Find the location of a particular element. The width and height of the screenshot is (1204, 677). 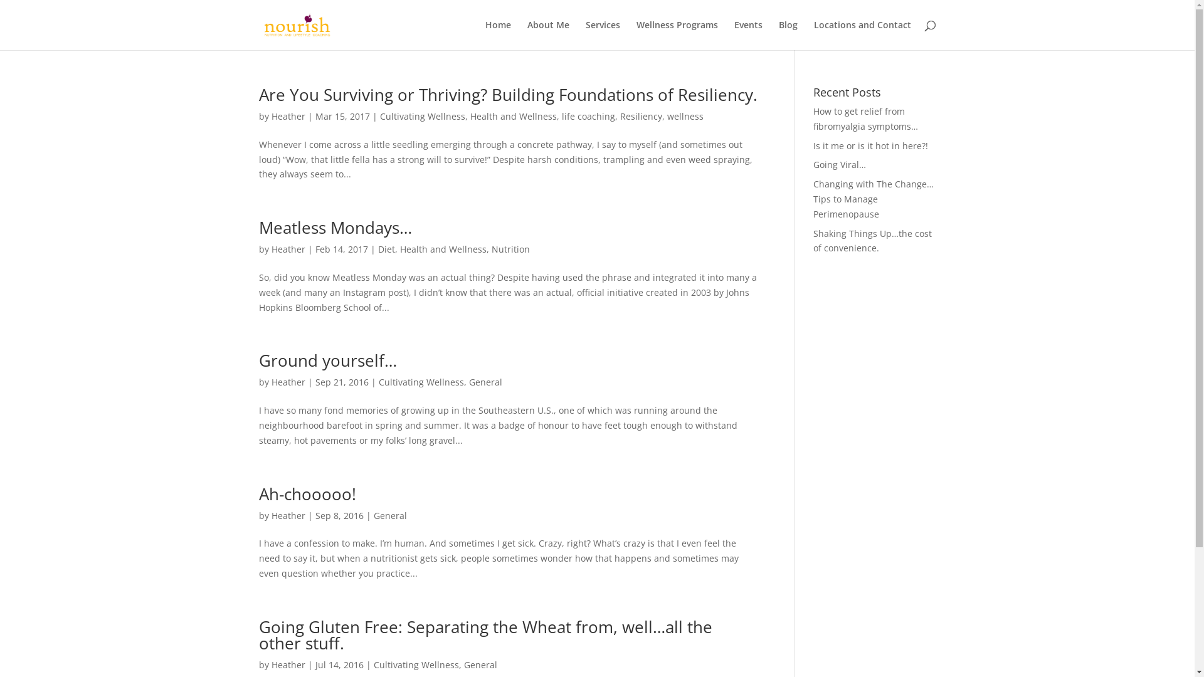

'Nutrition' is located at coordinates (510, 249).